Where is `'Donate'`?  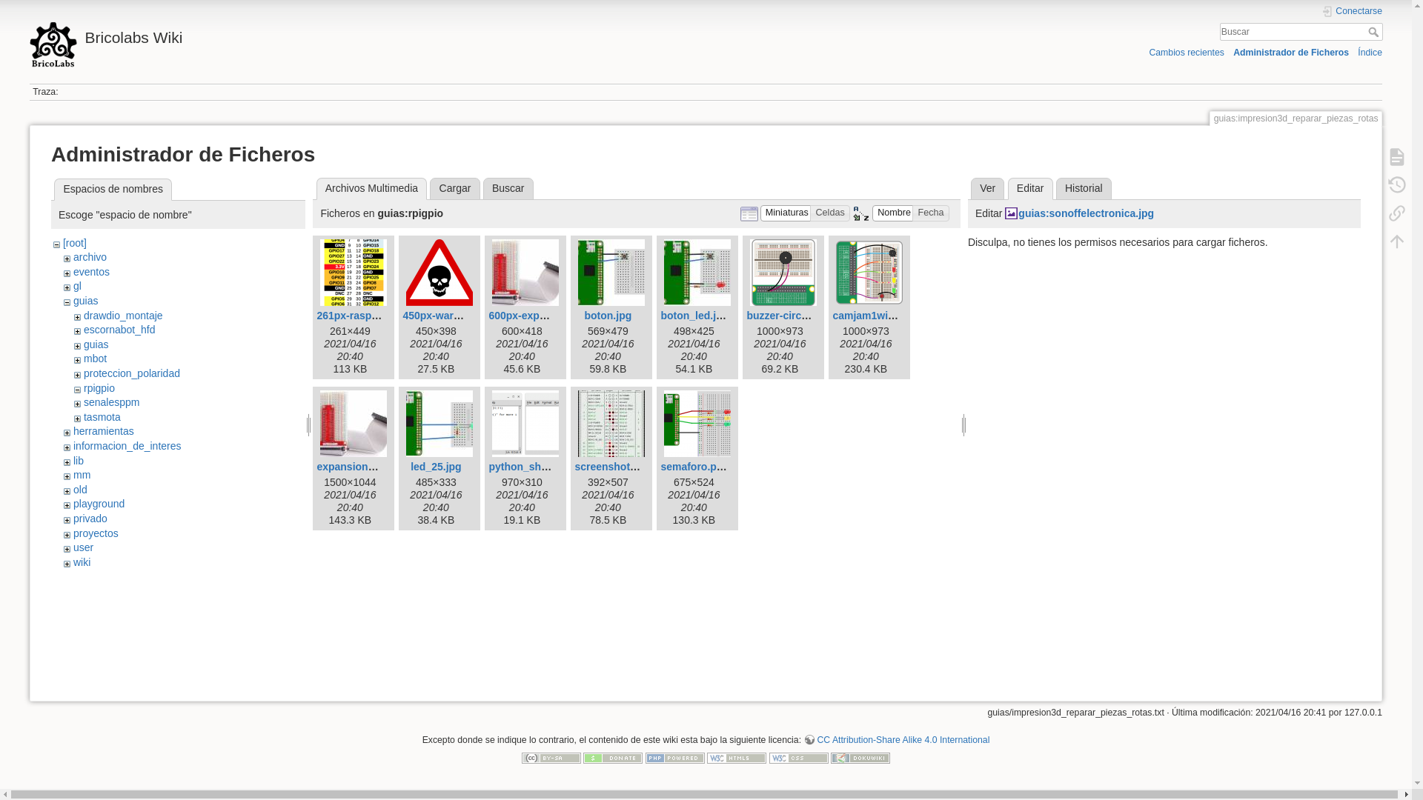
'Donate' is located at coordinates (612, 757).